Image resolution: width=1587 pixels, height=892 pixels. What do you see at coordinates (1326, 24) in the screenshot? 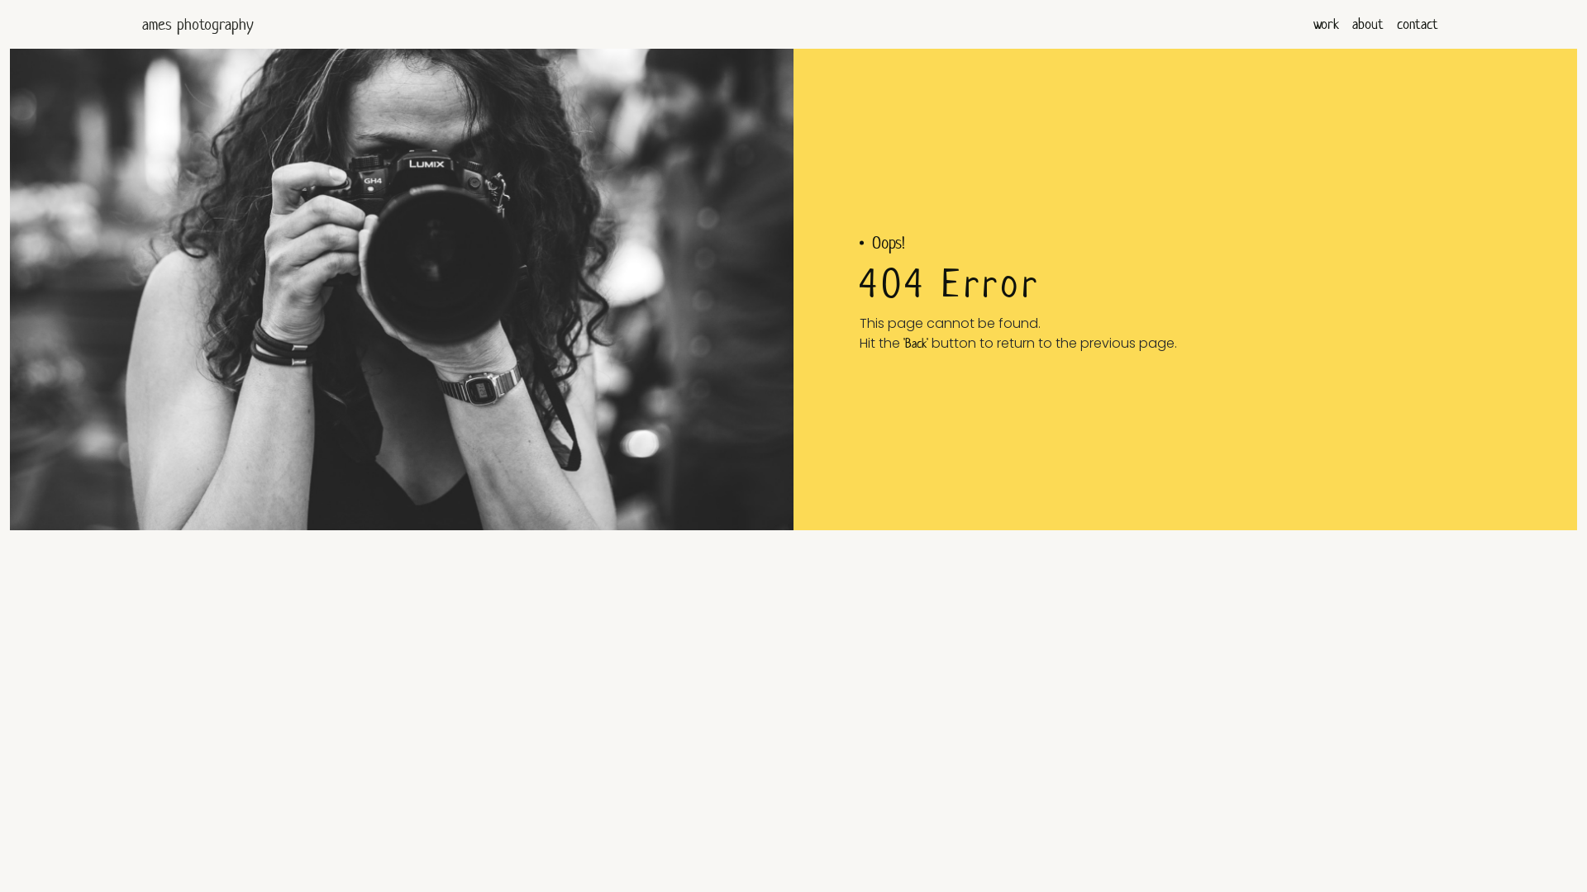
I see `'work'` at bounding box center [1326, 24].